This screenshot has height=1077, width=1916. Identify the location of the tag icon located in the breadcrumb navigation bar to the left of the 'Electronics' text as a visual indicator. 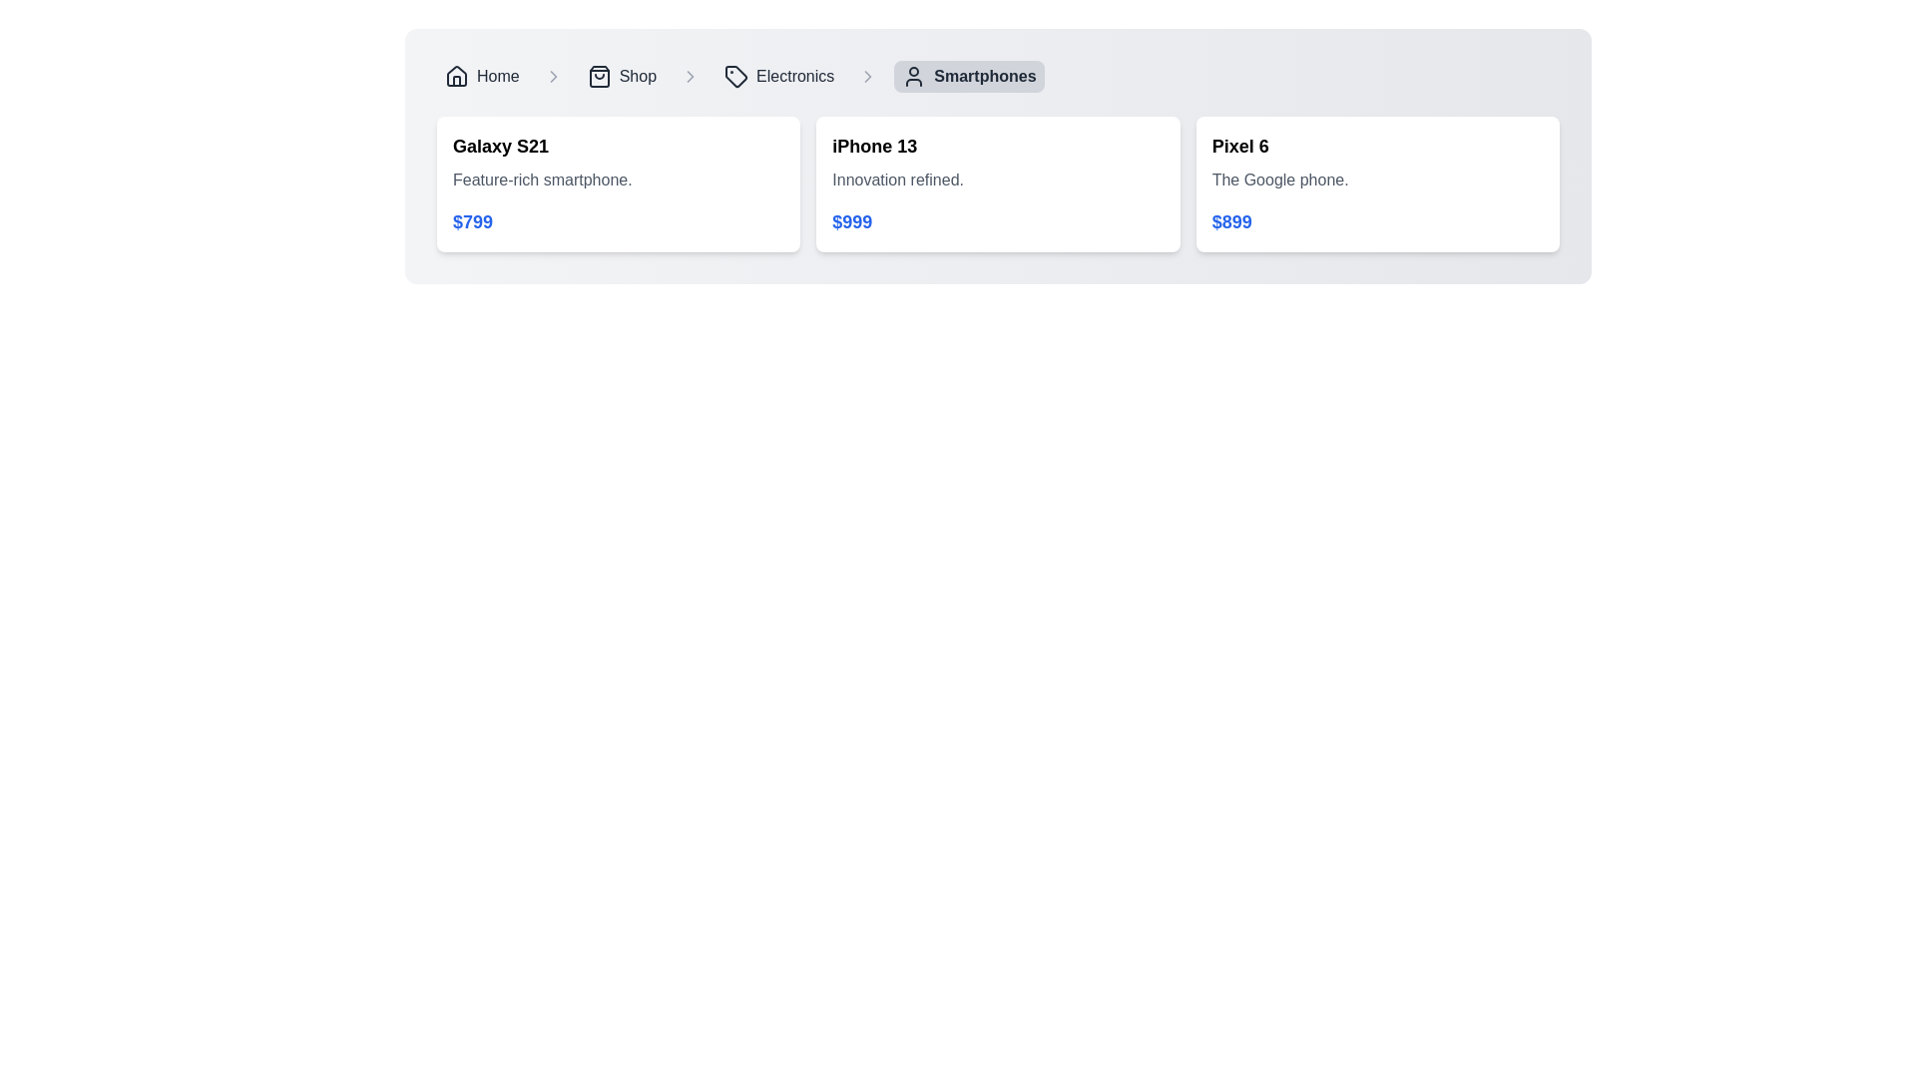
(735, 76).